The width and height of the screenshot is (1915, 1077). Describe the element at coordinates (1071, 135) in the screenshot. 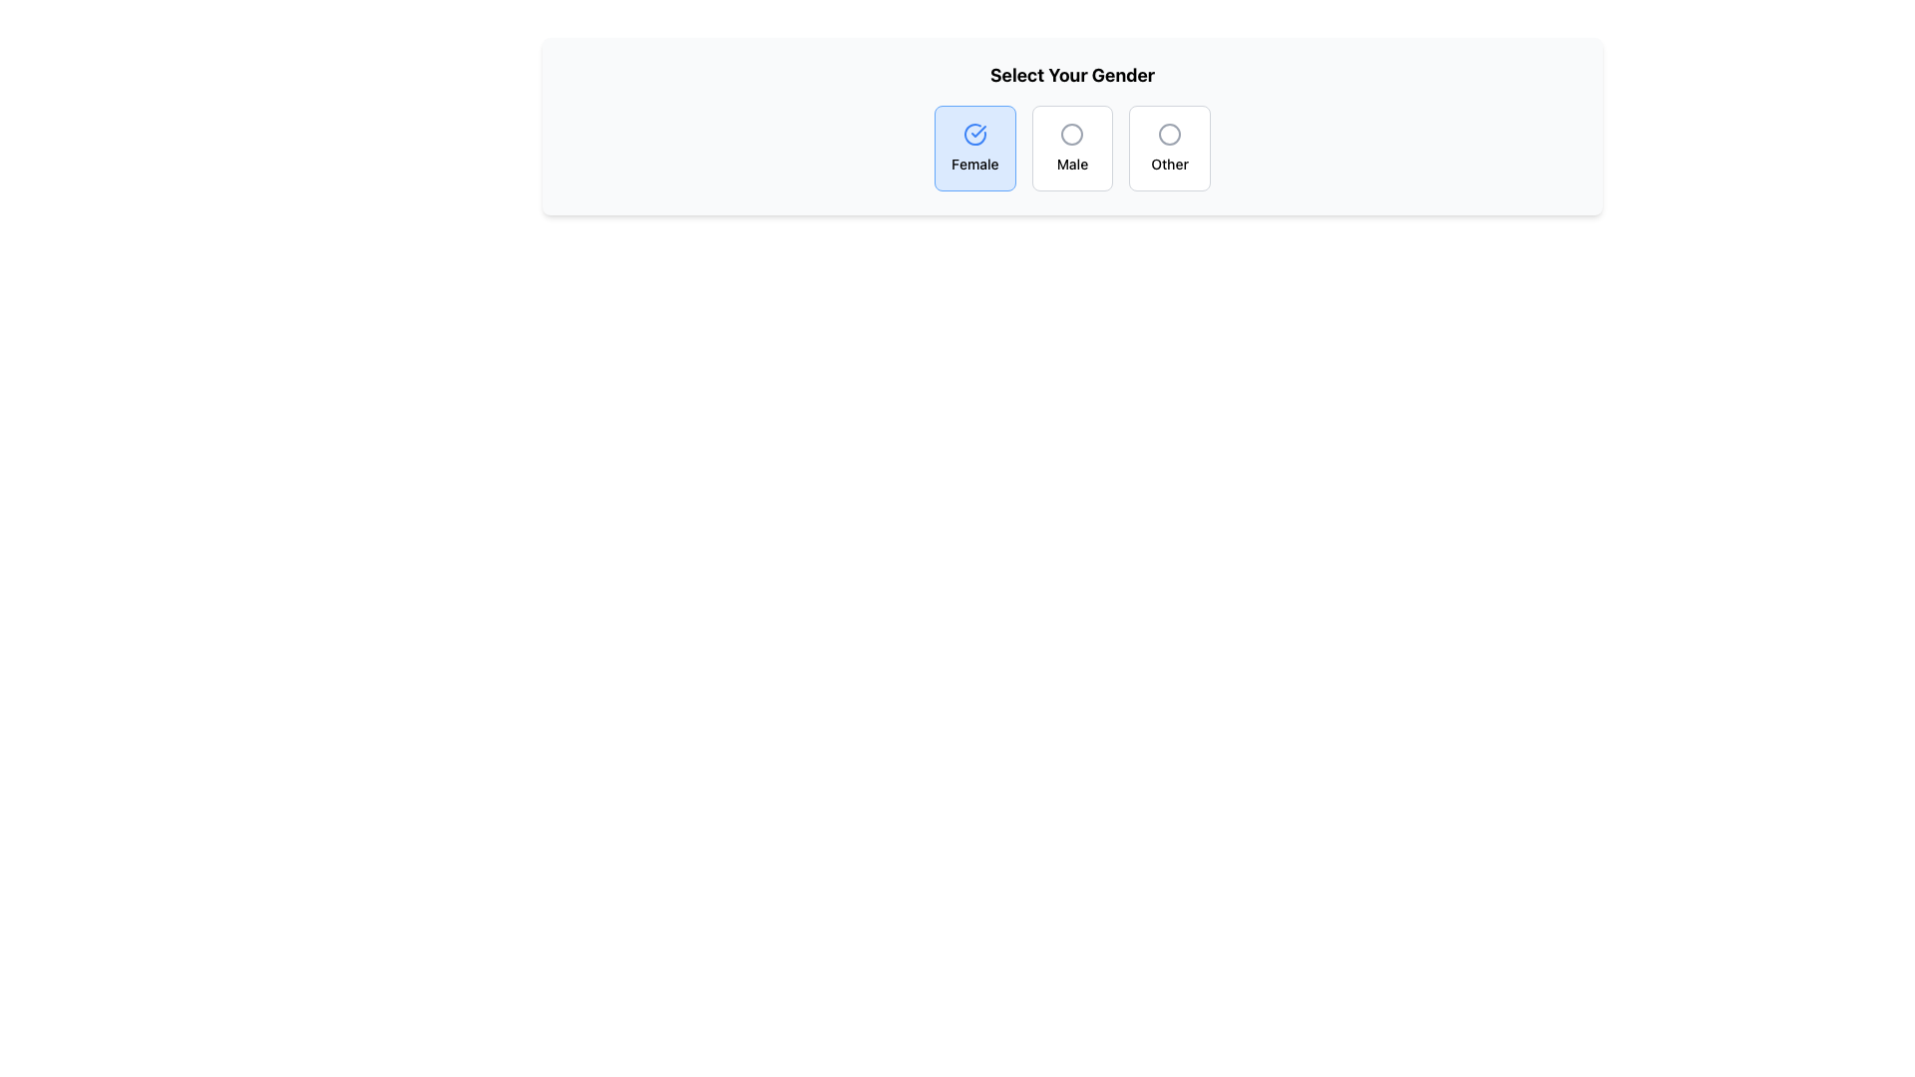

I see `the circular selection indicator for the 'Male' option in the radio button component labeled 'Select Your Gender'` at that location.